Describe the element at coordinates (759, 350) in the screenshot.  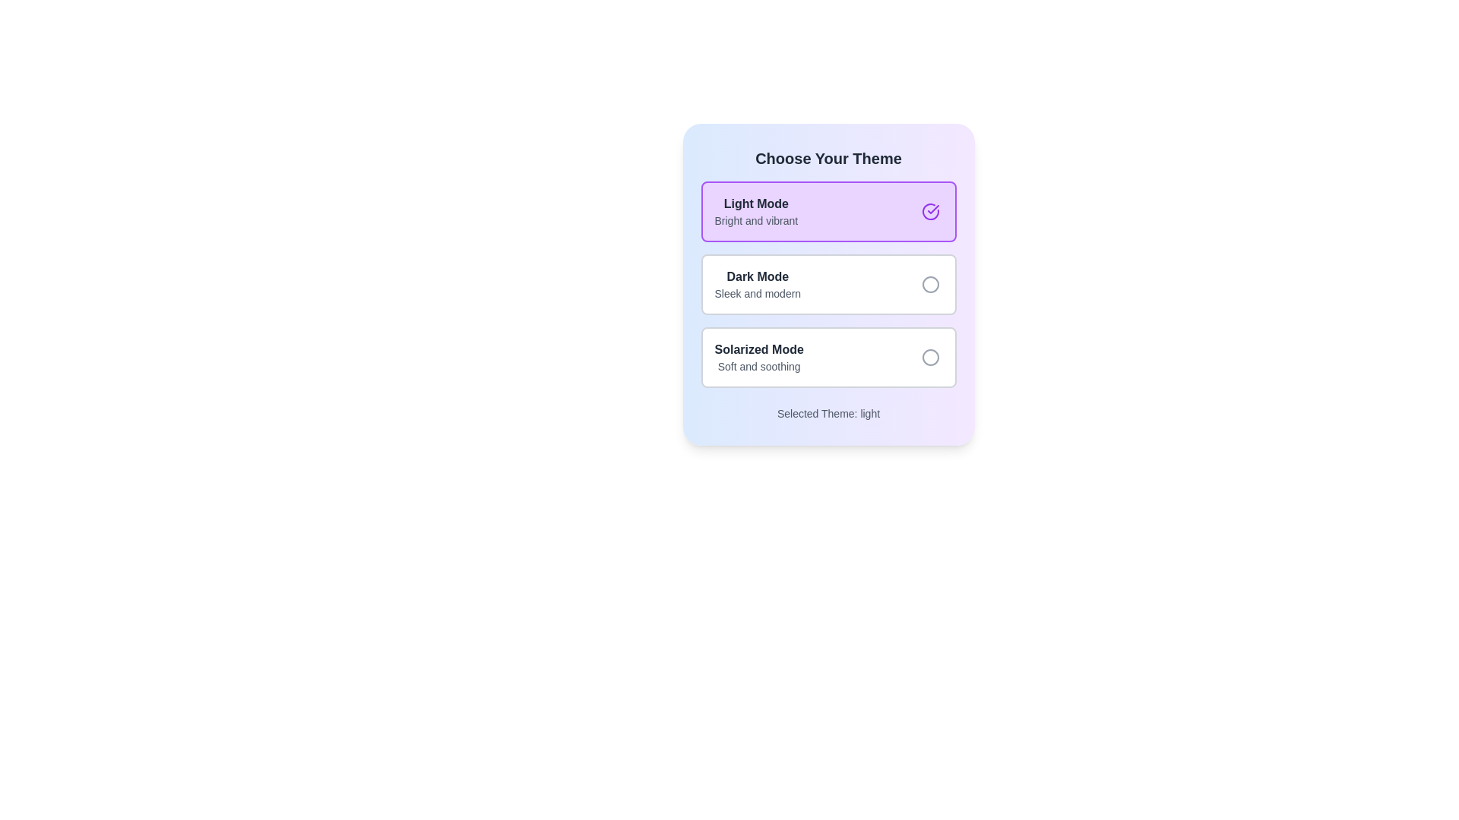
I see `the 'Solarized Mode' text label that identifies its function above the descriptive text 'Soft and soothing'` at that location.